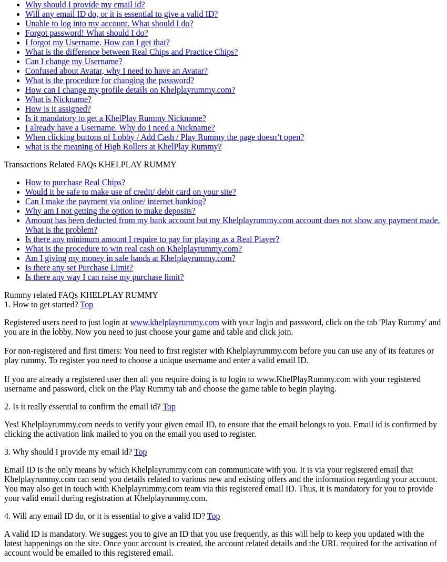  Describe the element at coordinates (109, 79) in the screenshot. I see `'What is the procedure for changing the password?'` at that location.